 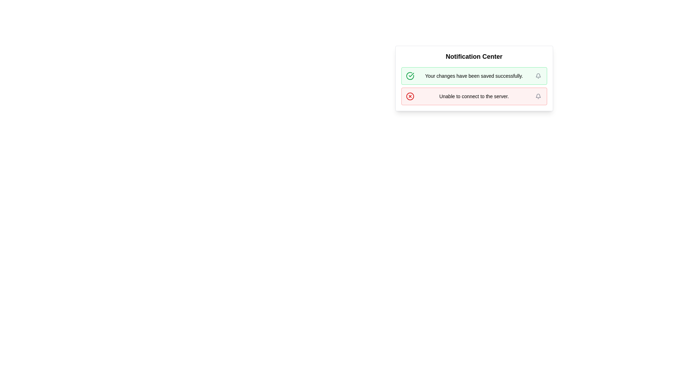 What do you see at coordinates (410, 76) in the screenshot?
I see `the circular green checkmark icon located in the notification area of the interface, which indicates that changes have been saved successfully` at bounding box center [410, 76].